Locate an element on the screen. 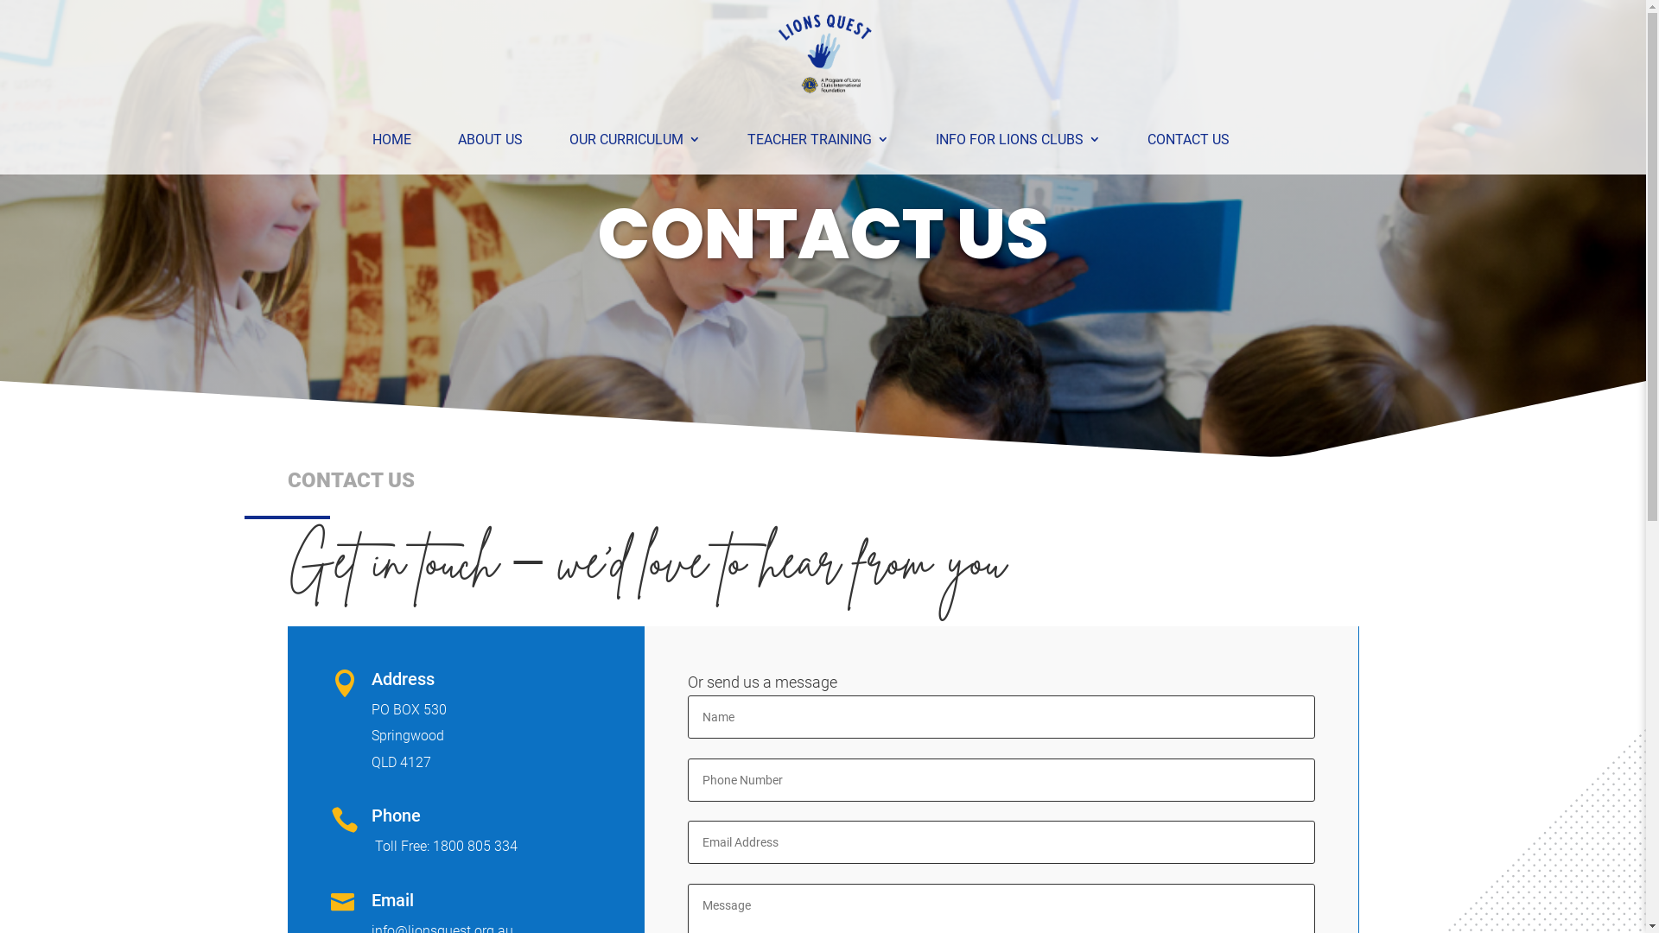  'CONTACT US' is located at coordinates (1187, 139).